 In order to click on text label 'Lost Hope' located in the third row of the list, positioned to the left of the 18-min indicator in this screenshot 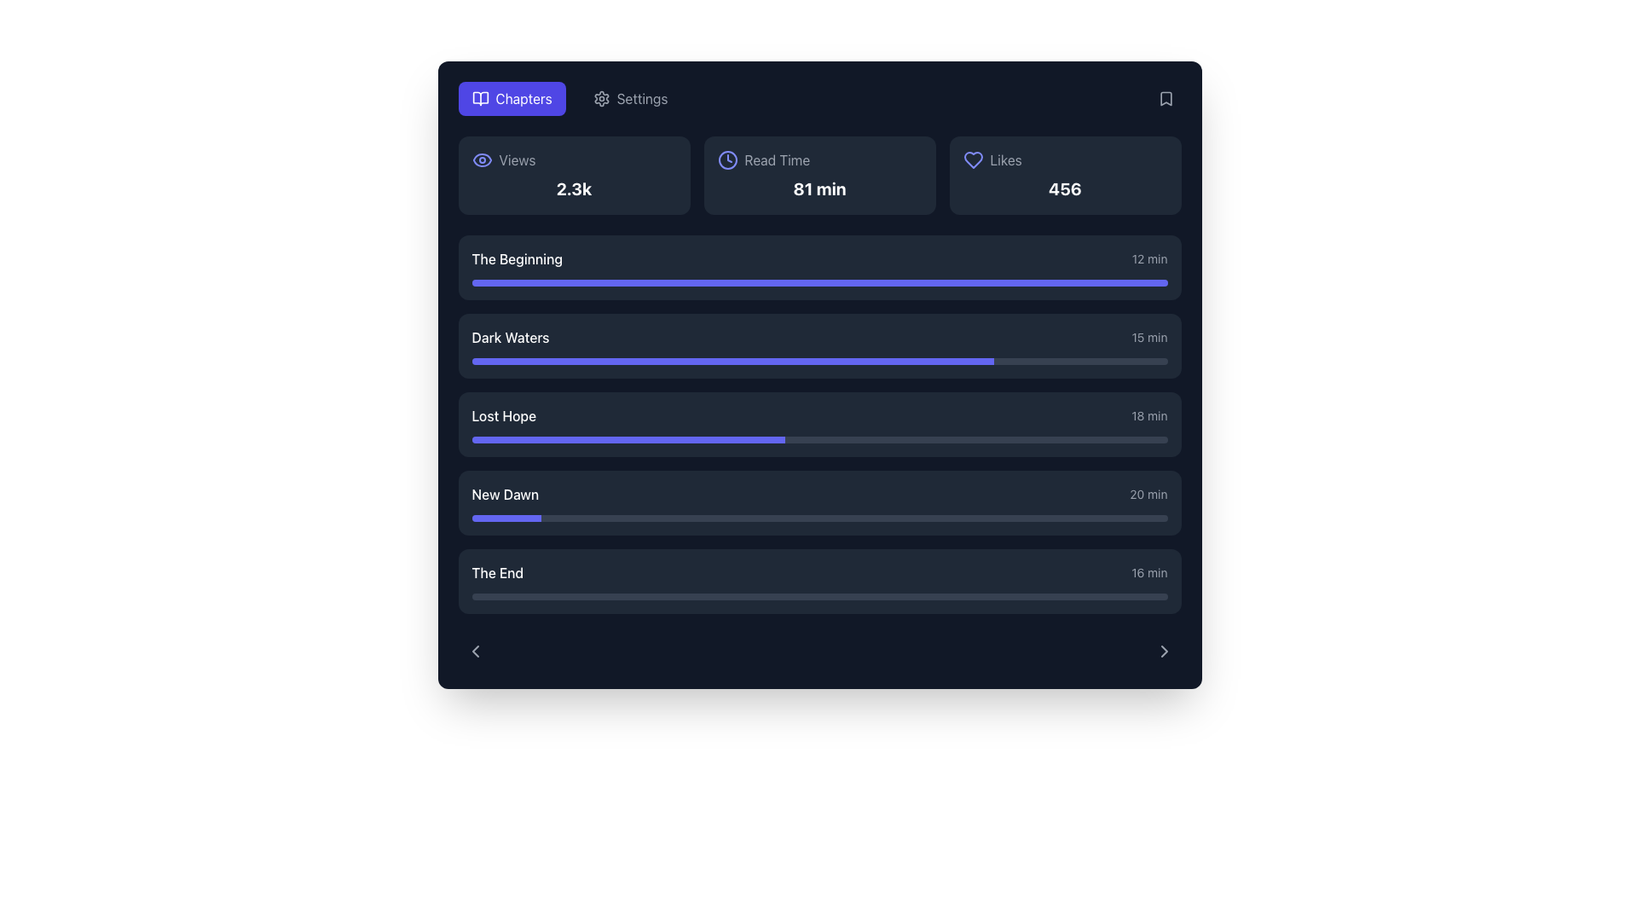, I will do `click(503, 416)`.